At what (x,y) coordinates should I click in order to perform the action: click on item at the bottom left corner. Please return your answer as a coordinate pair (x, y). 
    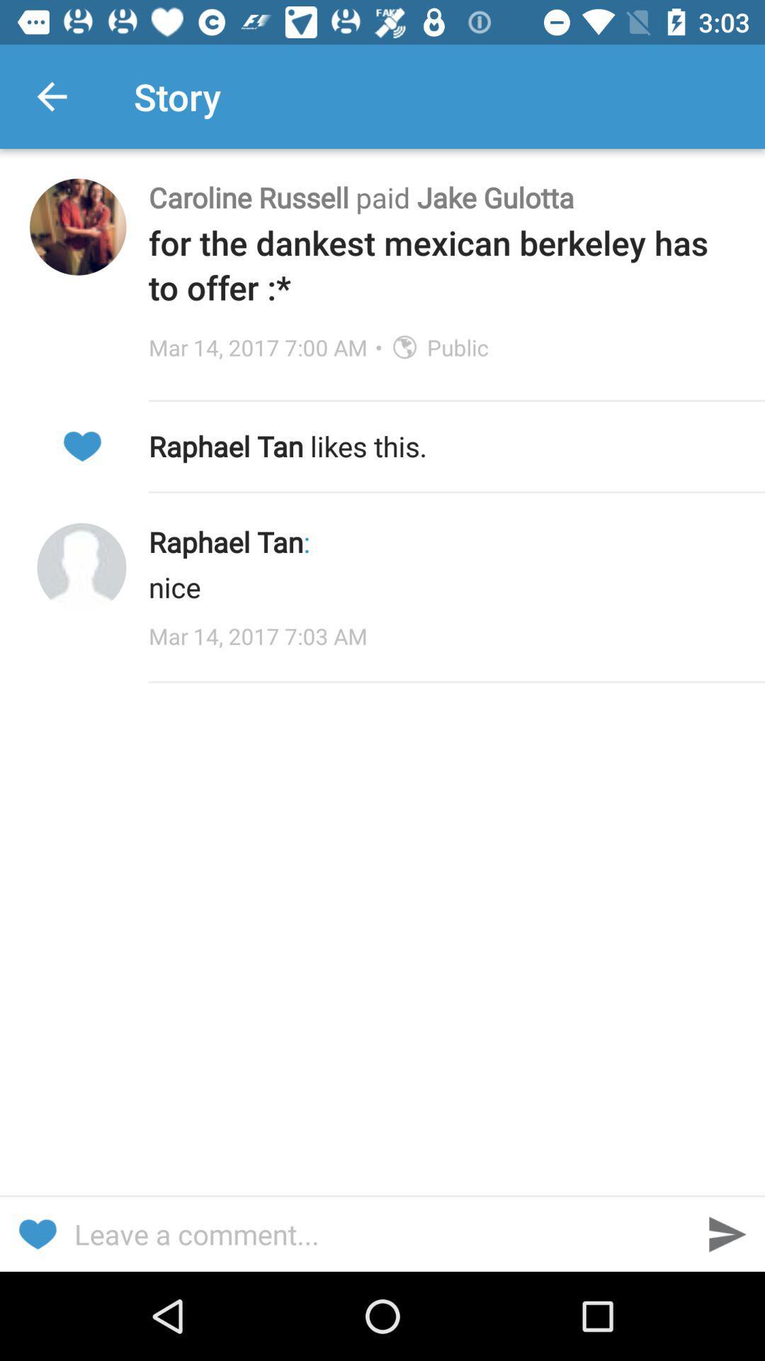
    Looking at the image, I should click on (36, 1233).